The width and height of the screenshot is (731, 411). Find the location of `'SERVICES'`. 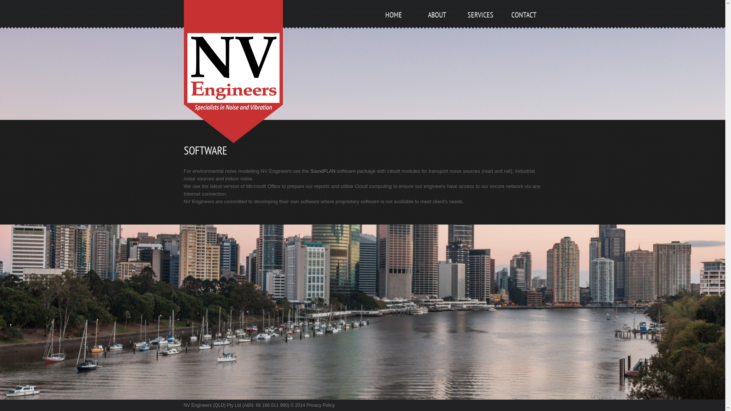

'SERVICES' is located at coordinates (462, 24).